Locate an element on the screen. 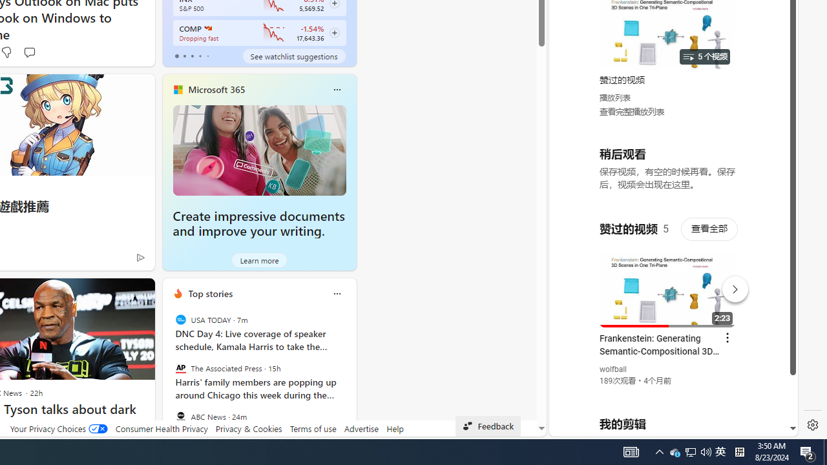 This screenshot has width=827, height=465. 'Create impressive documents and improve your writing.' is located at coordinates (258, 149).